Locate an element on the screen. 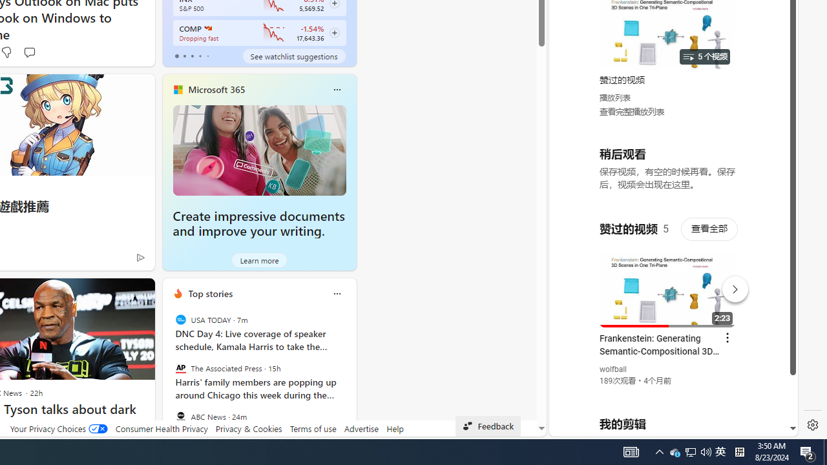 This screenshot has width=827, height=465. 'Create impressive documents and improve your writing.' is located at coordinates (258, 149).